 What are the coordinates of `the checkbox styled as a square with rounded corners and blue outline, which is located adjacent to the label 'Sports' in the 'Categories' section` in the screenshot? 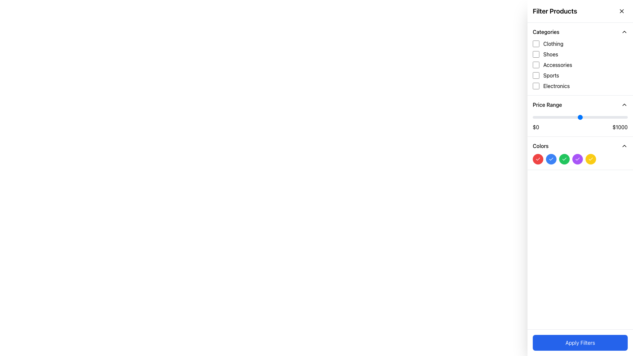 It's located at (536, 75).